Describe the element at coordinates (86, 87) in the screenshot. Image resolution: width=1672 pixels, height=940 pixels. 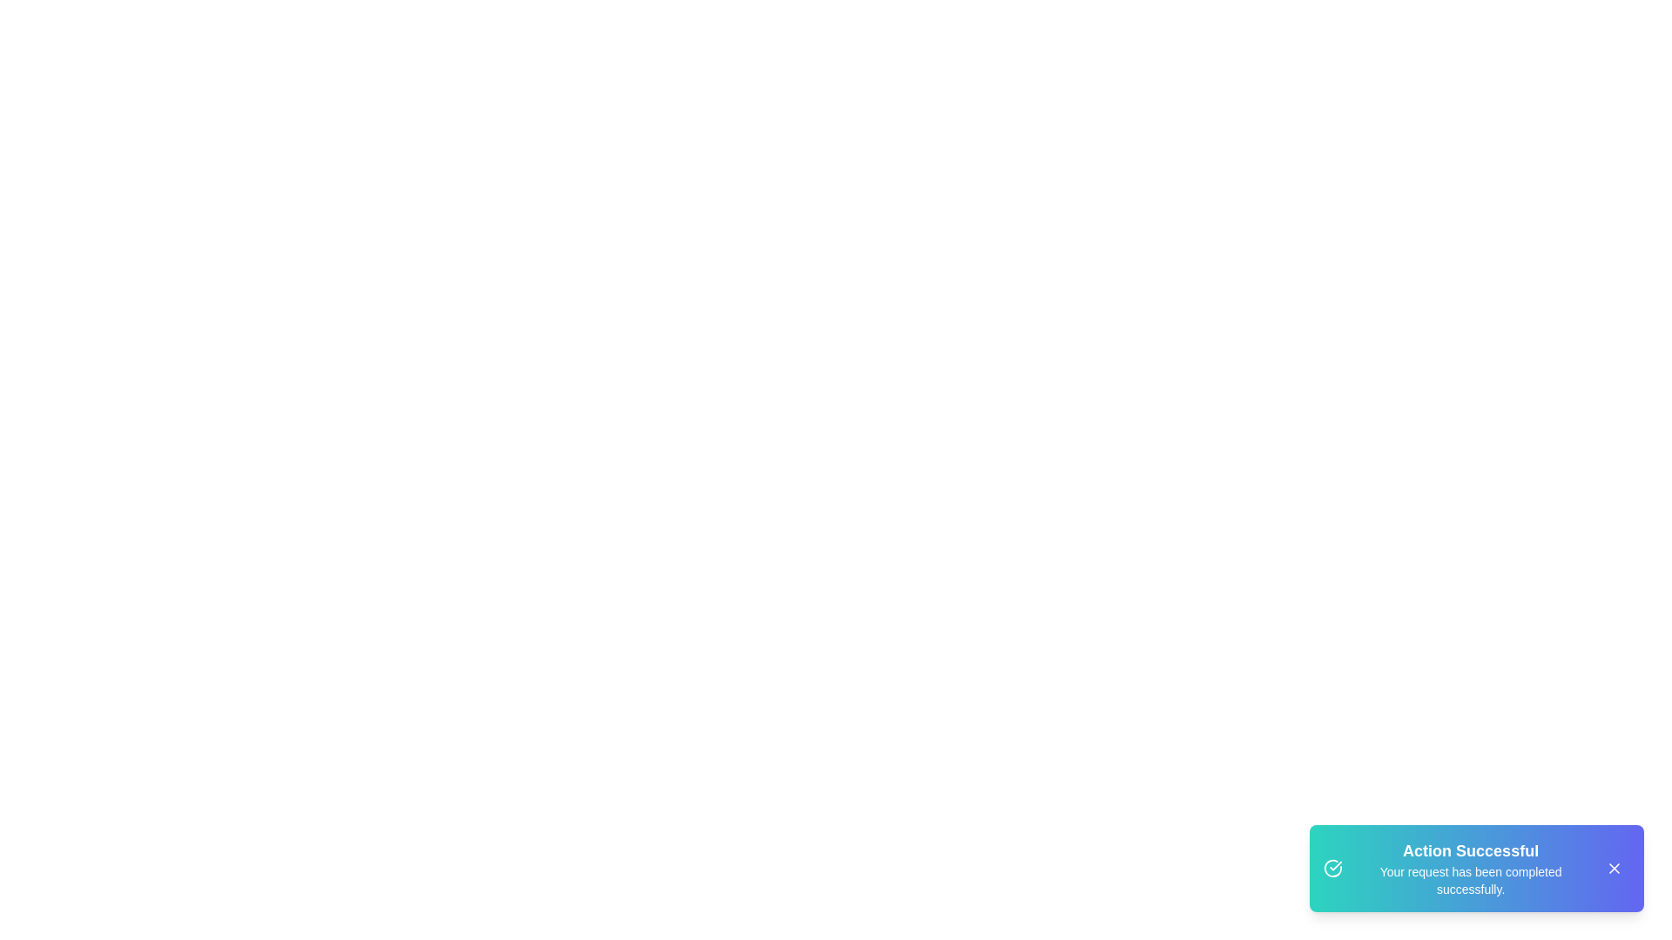
I see `the background area outside the StyledSnackbar component` at that location.